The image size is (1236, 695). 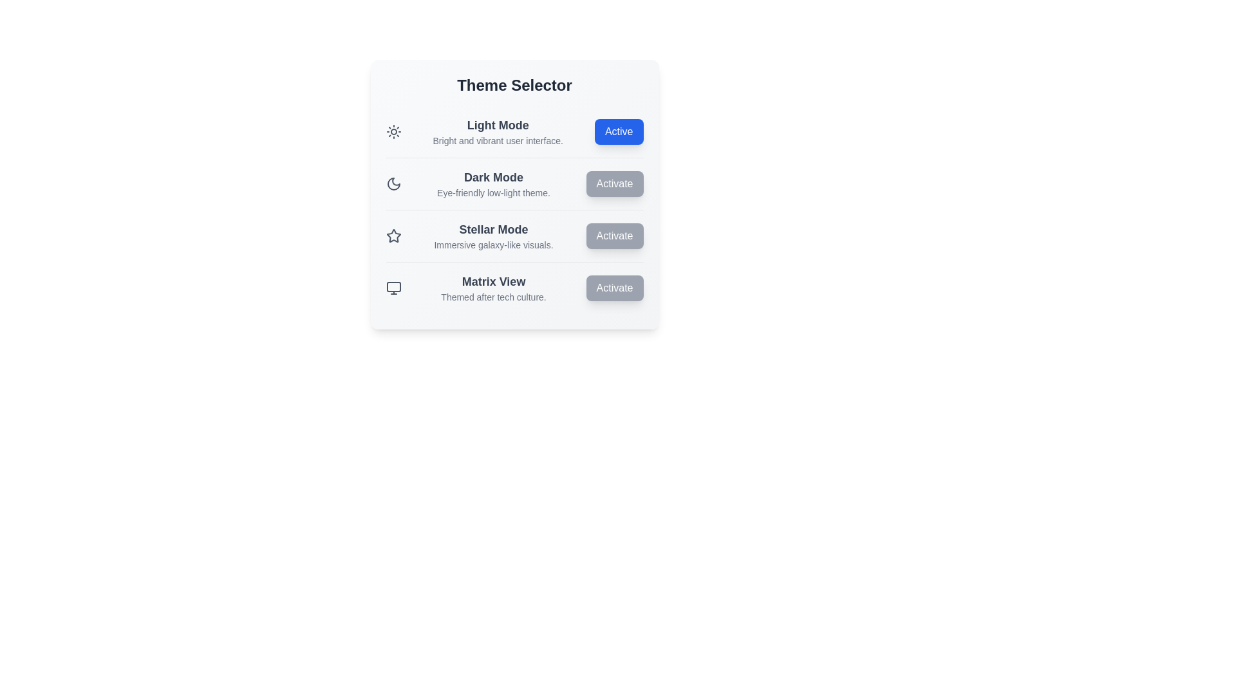 I want to click on 'Activate' button for the theme specified by Matrix View, so click(x=614, y=287).